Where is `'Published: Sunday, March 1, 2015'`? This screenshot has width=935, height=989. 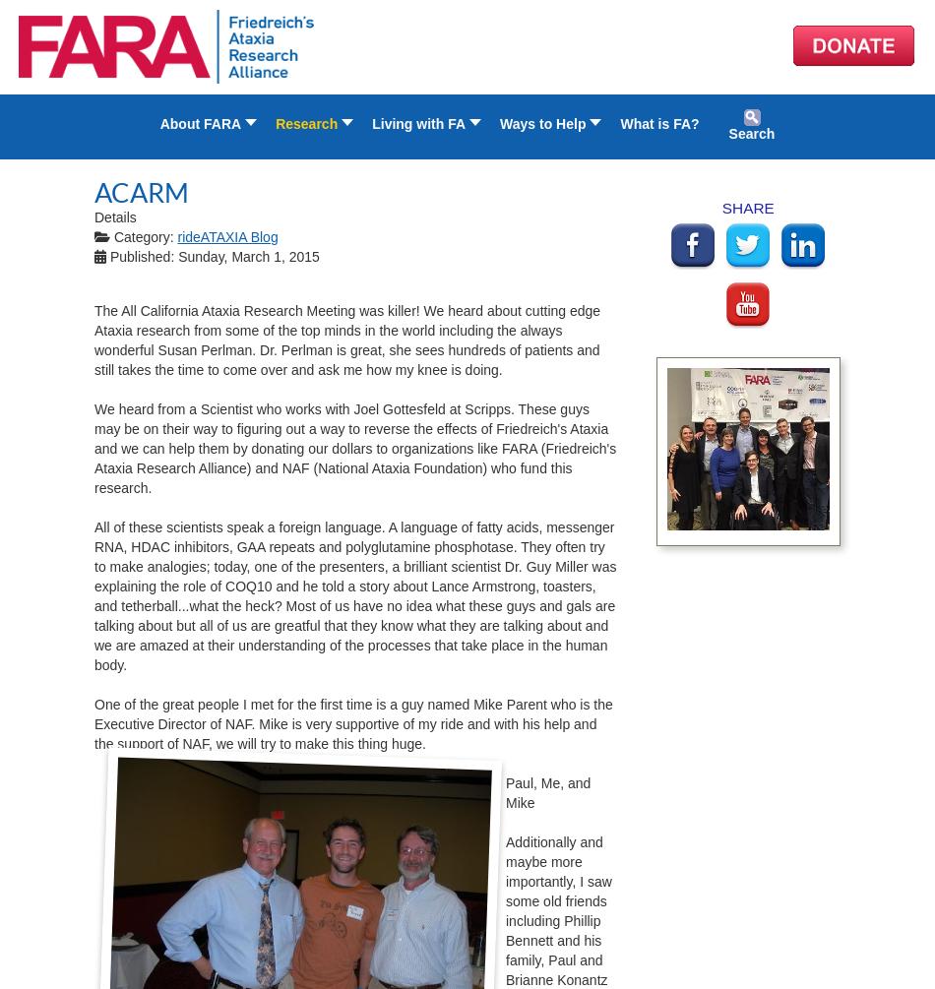
'Published: Sunday, March 1, 2015' is located at coordinates (108, 255).